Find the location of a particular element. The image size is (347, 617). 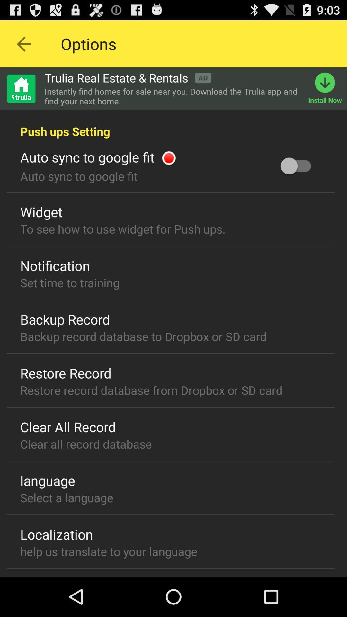

the arrow_backward icon is located at coordinates (23, 47).